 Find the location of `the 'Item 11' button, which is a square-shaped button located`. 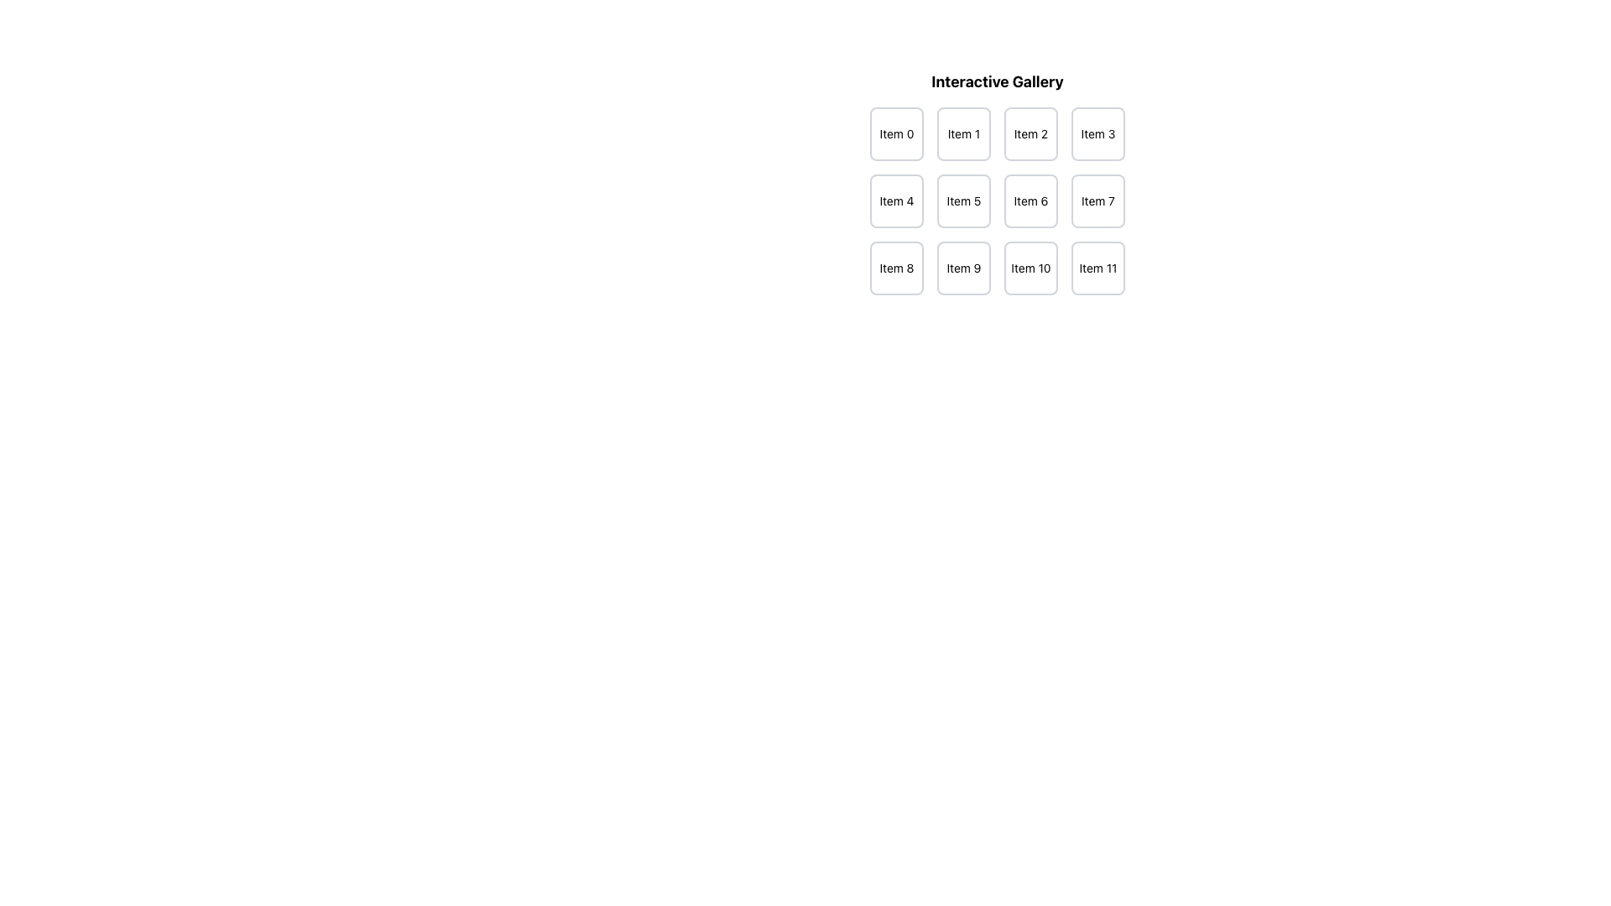

the 'Item 11' button, which is a square-shaped button located is located at coordinates (1098, 268).